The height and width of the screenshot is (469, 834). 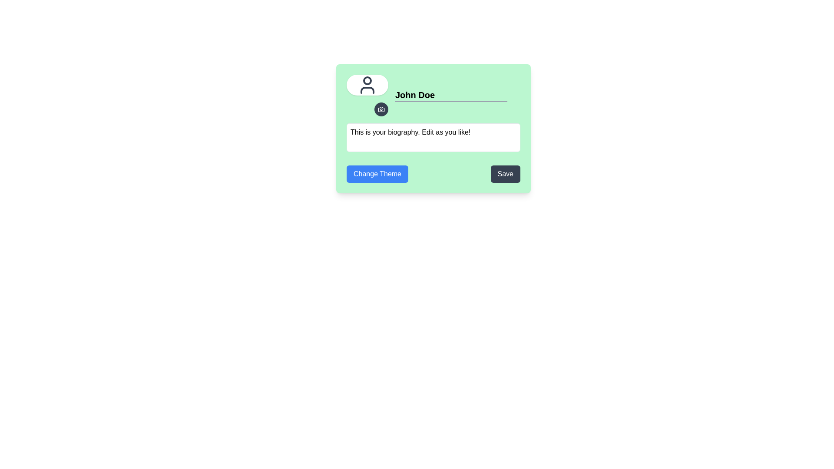 I want to click on the decorative camera icon located below the user avatar icon in the top-left of the card layout, so click(x=381, y=109).